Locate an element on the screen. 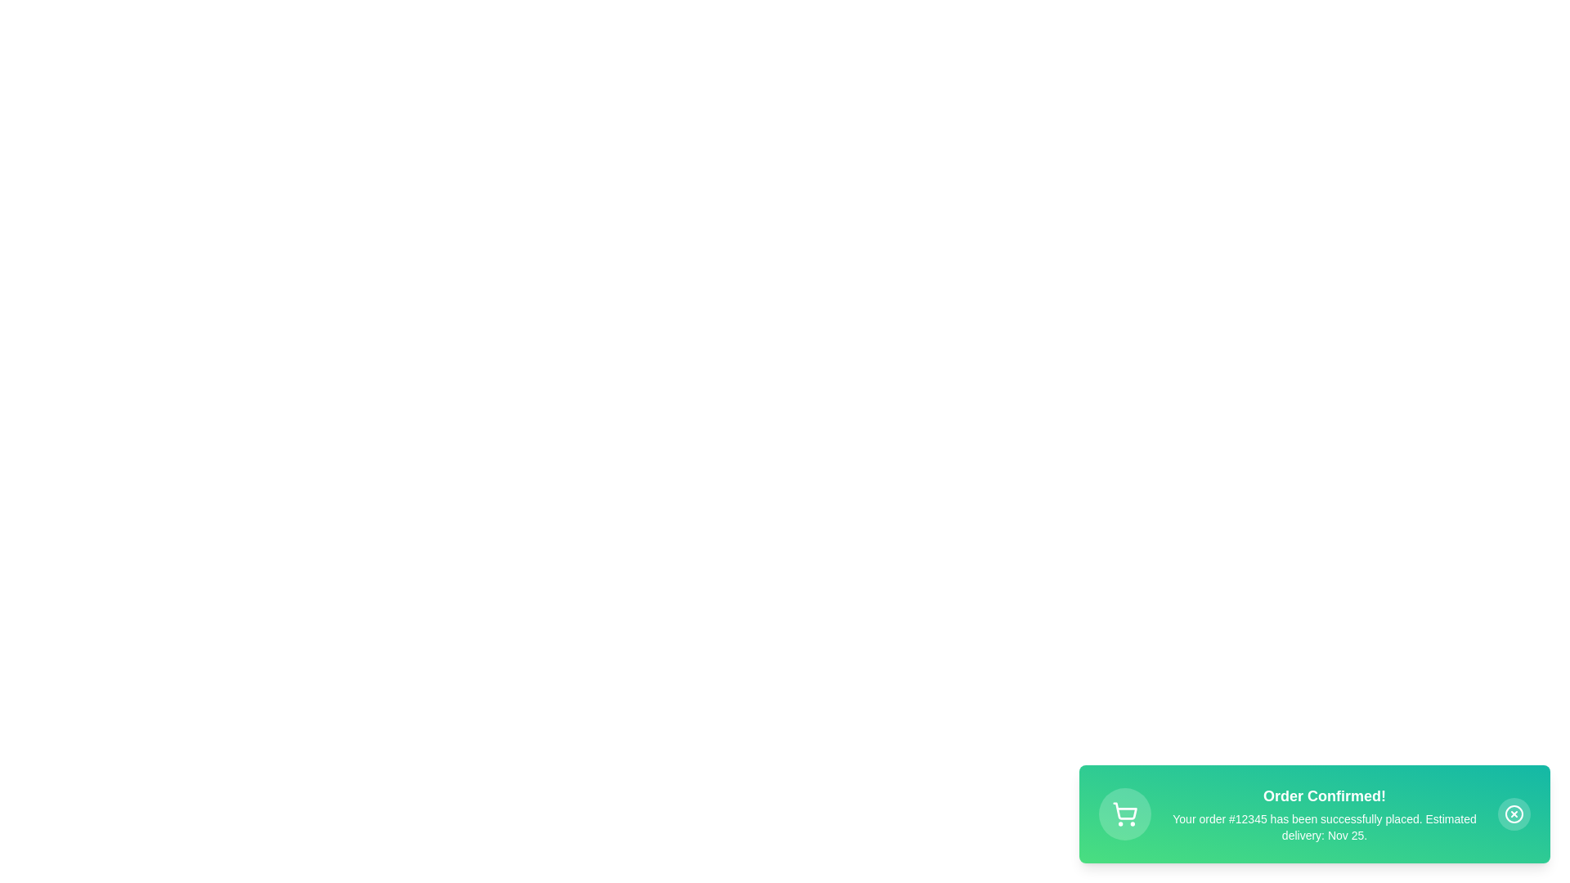  the close button located in the bottom-right corner of the green notification area is located at coordinates (1514, 814).